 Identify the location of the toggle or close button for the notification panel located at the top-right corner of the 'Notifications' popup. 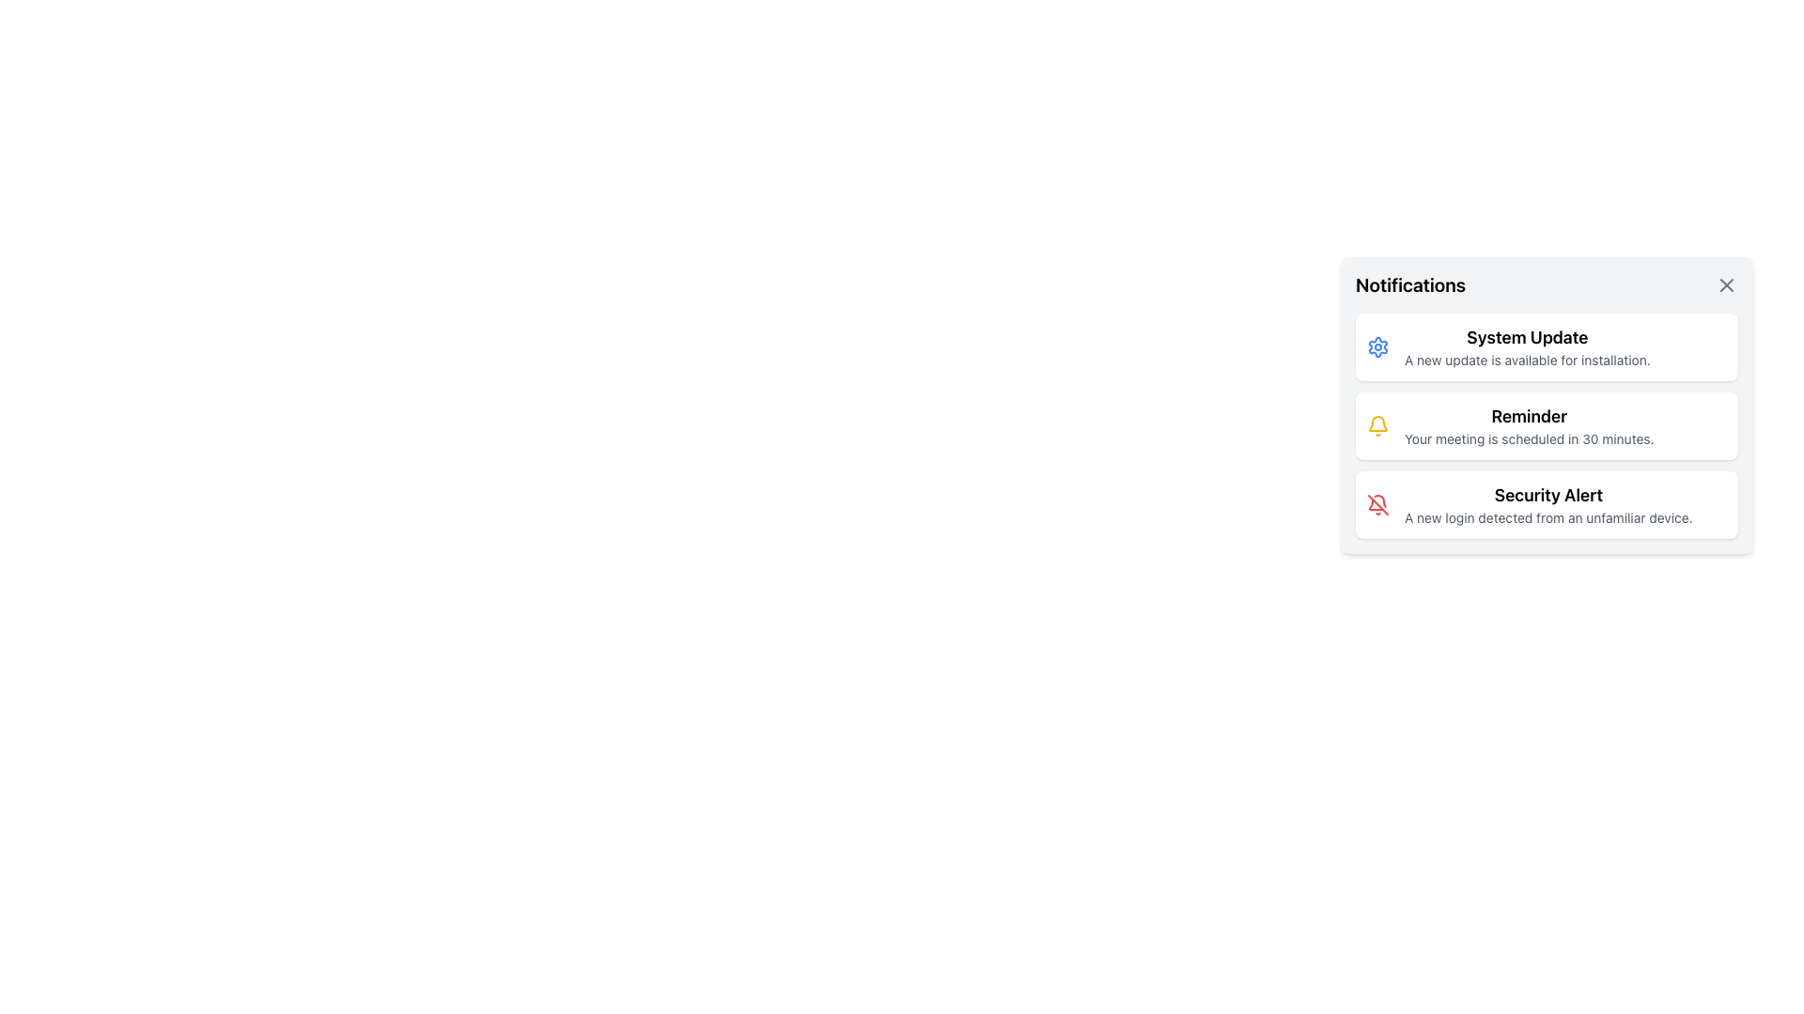
(1727, 285).